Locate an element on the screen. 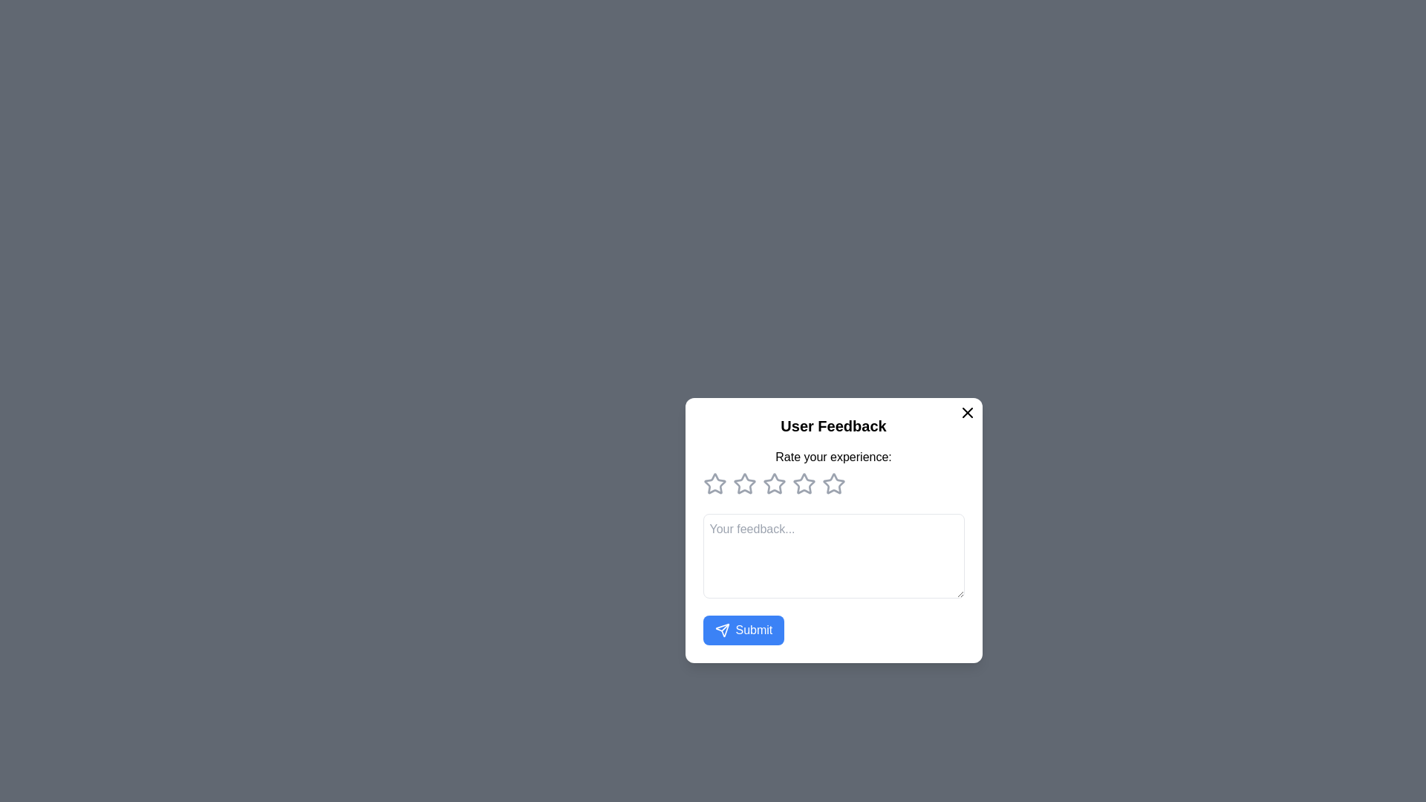 This screenshot has width=1426, height=802. on the second star icon in the 'Rate your experience' section is located at coordinates (744, 483).